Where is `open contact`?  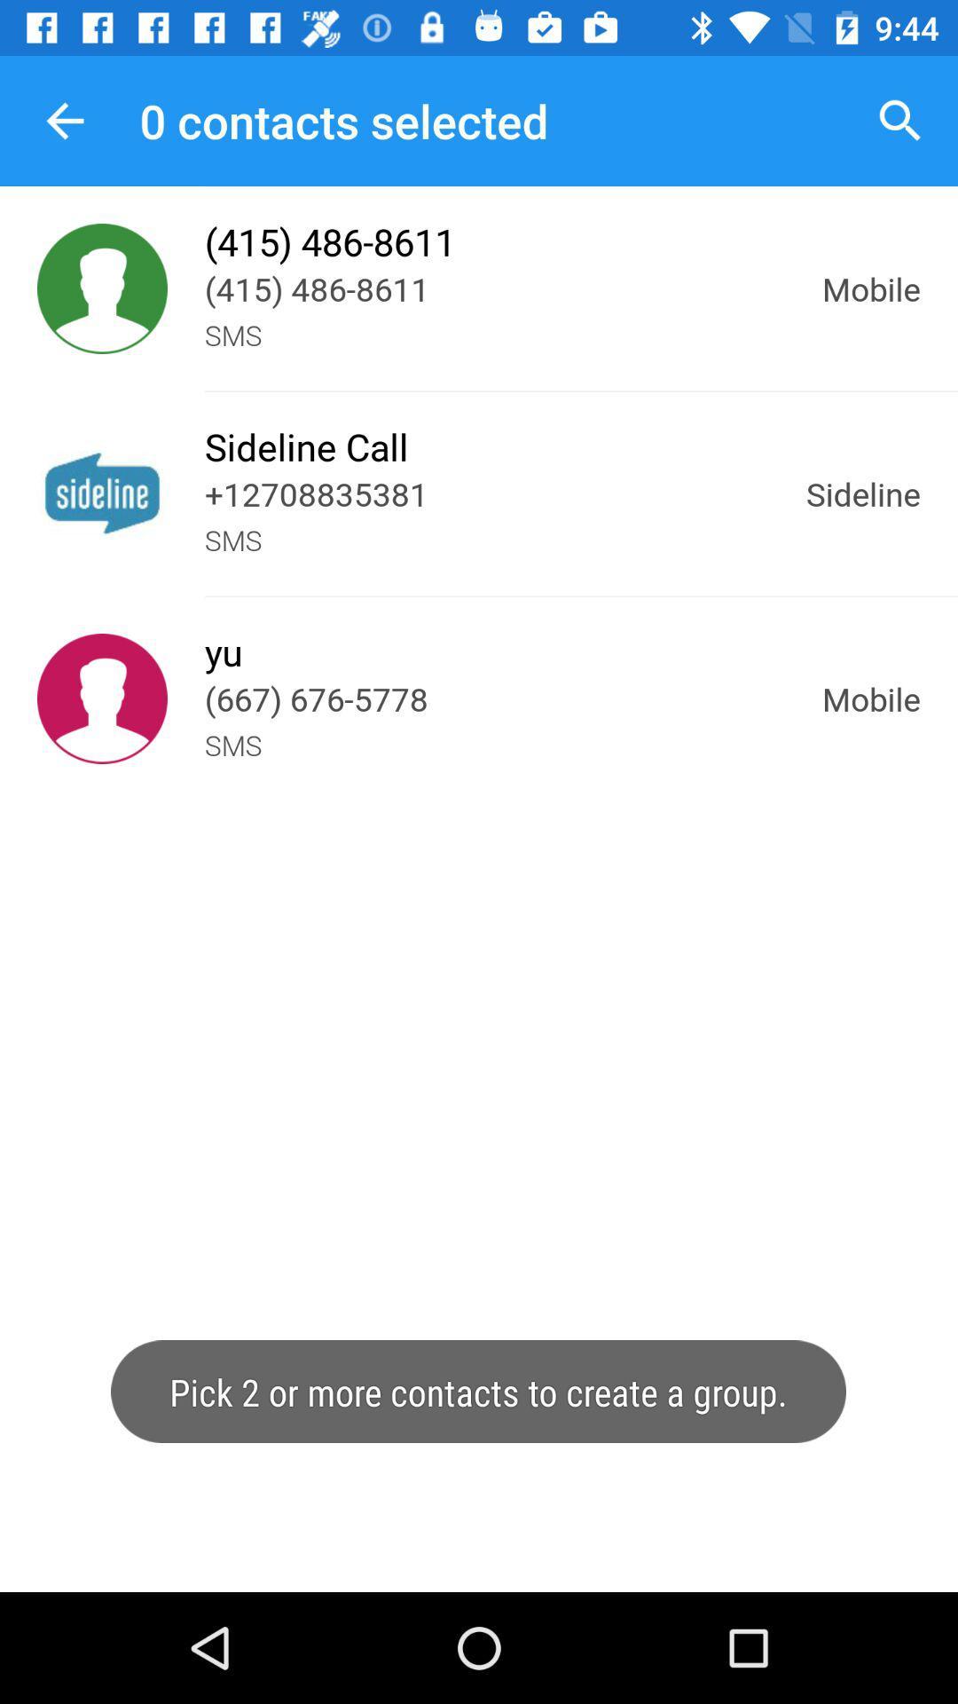 open contact is located at coordinates (102, 698).